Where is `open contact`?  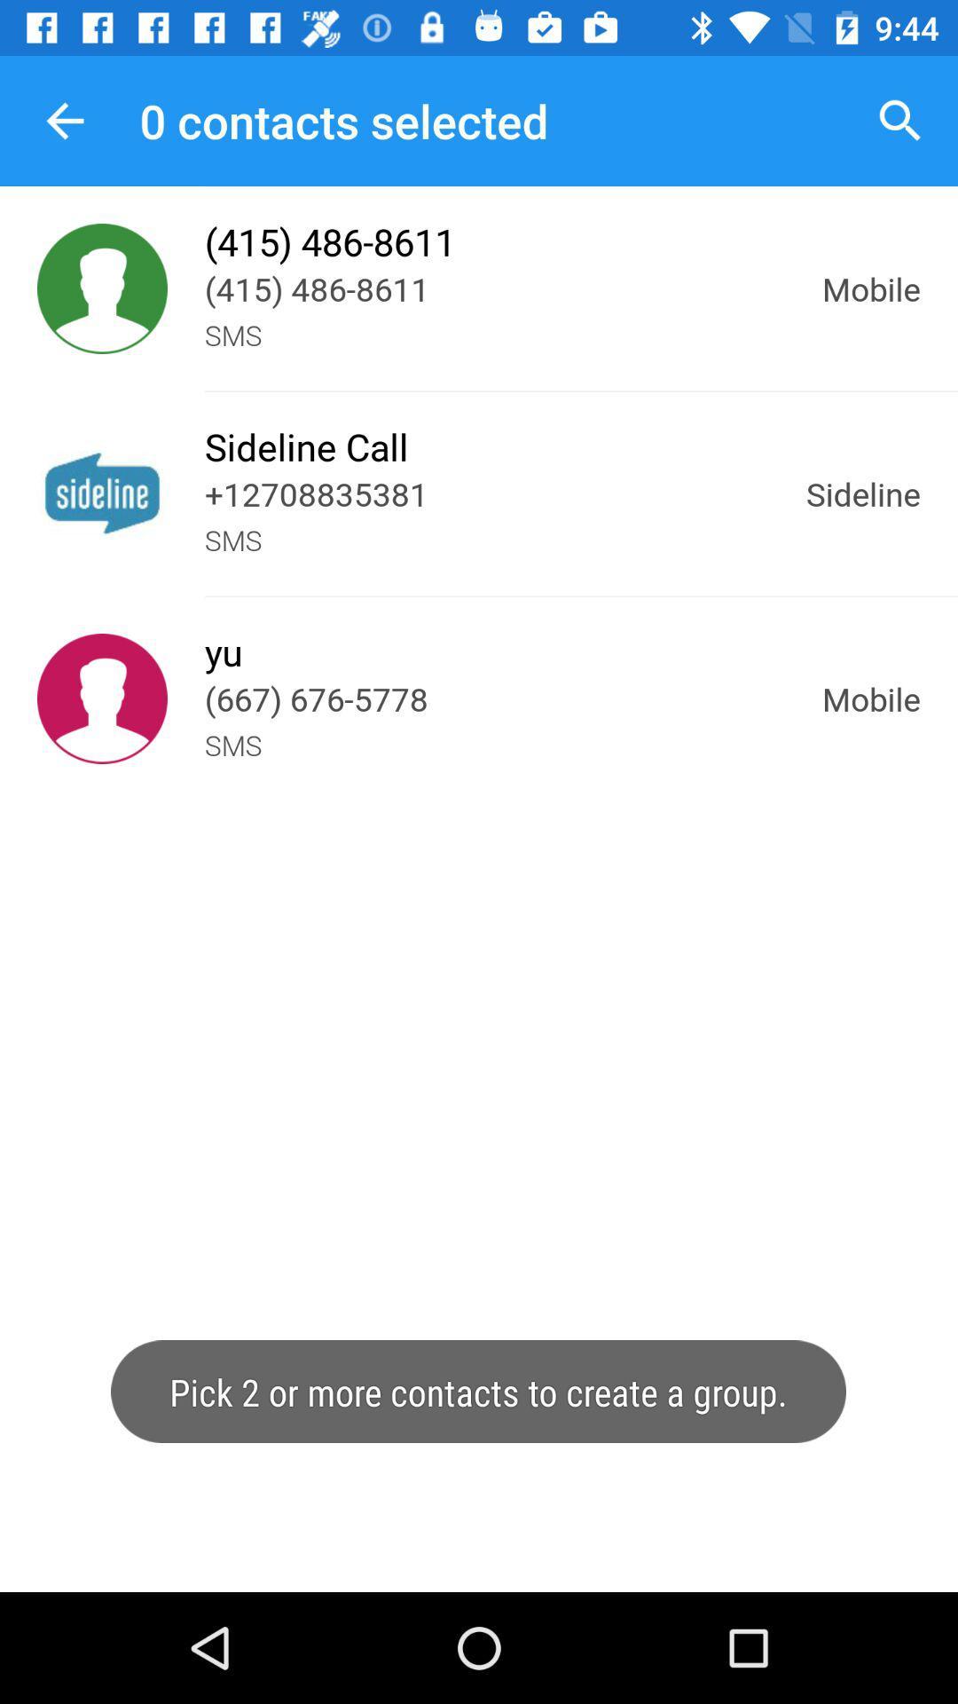 open contact is located at coordinates (102, 698).